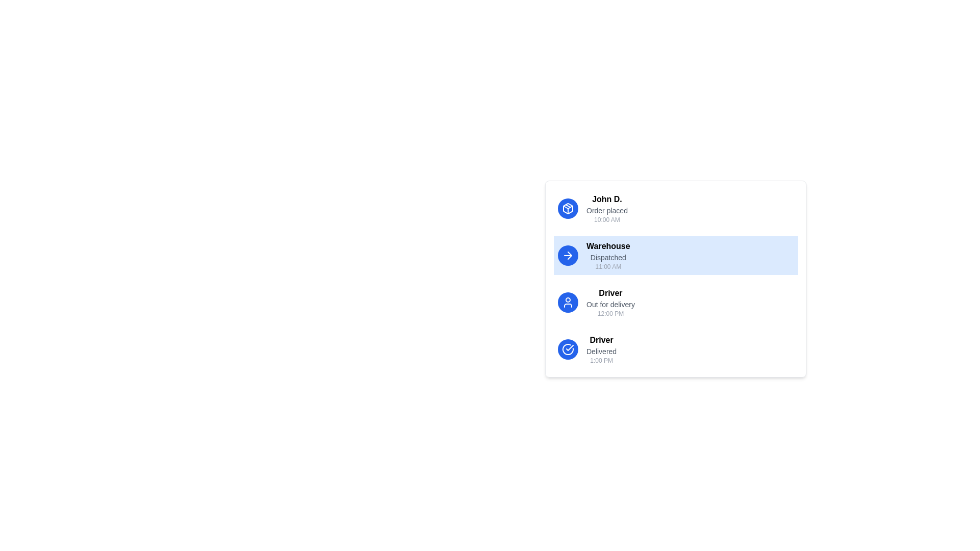 The width and height of the screenshot is (980, 551). I want to click on the text label displaying the word 'Delivered', which is positioned below the 'Driver' text in the fourth item of a vertically structured timeline, so click(601, 351).